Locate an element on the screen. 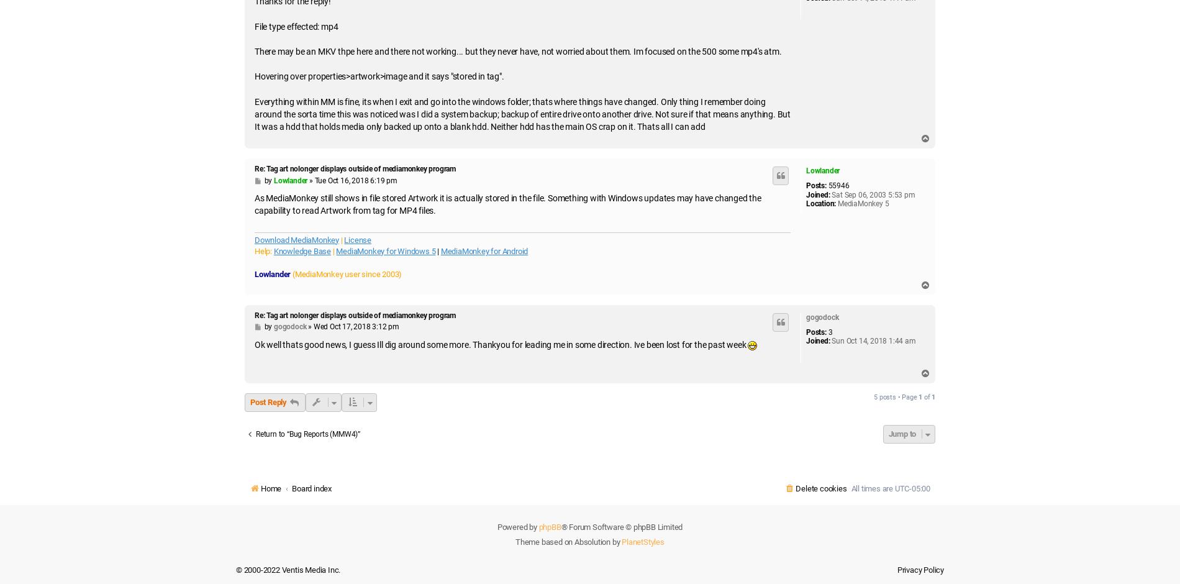 The height and width of the screenshot is (584, 1180). 'Hovering over properties>artwork>image and it says "stored in tag".' is located at coordinates (379, 76).